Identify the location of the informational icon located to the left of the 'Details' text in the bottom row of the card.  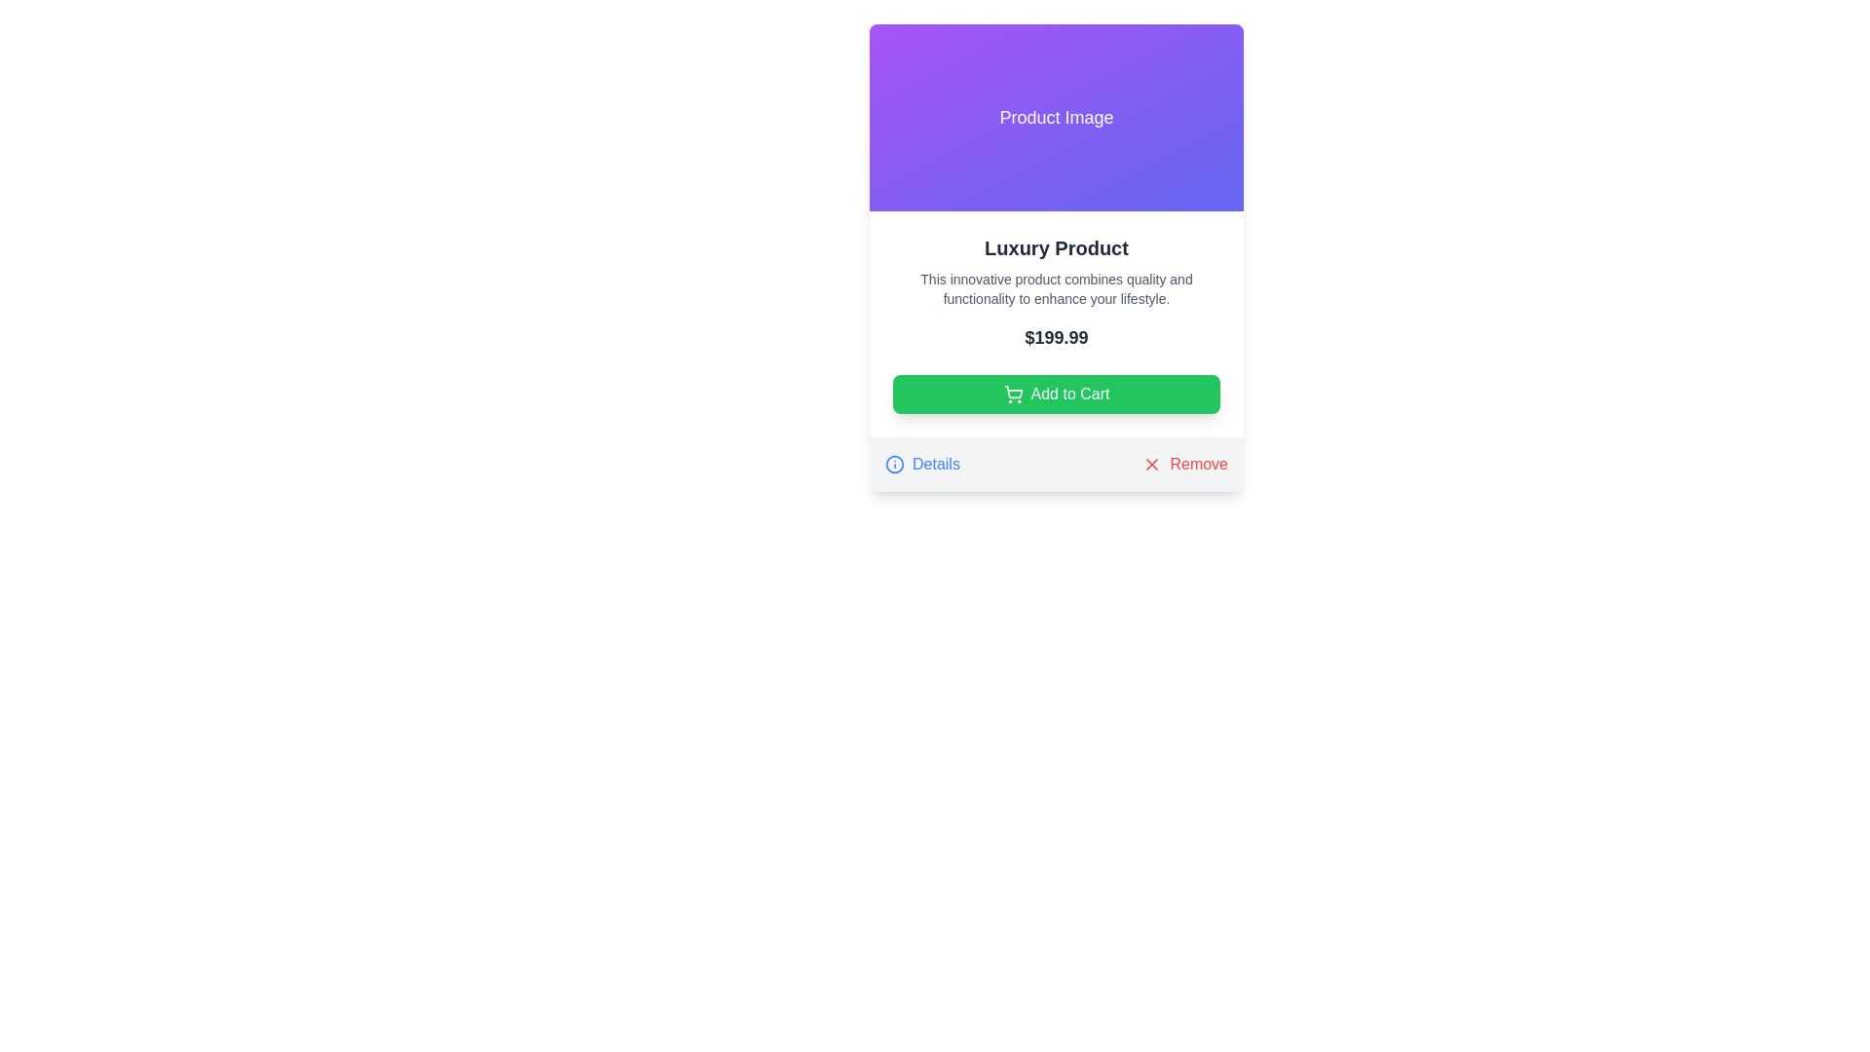
(893, 465).